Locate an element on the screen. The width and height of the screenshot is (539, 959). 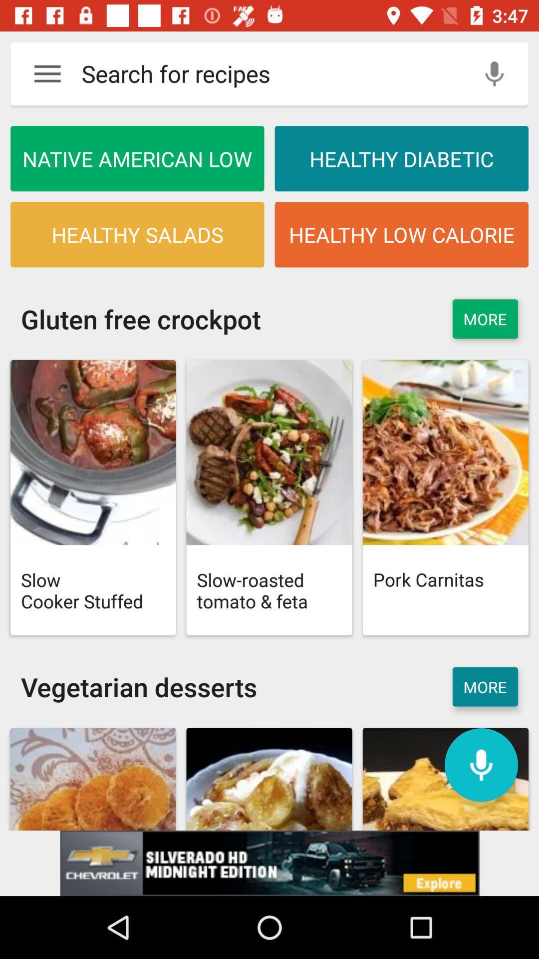
the microphone icon is located at coordinates (494, 73).